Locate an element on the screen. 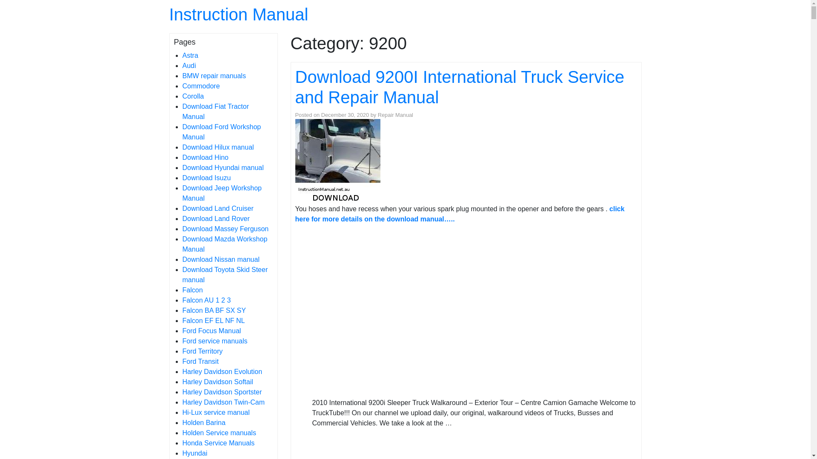 The image size is (817, 459). 'Download Jeep Workshop Manual' is located at coordinates (181, 193).